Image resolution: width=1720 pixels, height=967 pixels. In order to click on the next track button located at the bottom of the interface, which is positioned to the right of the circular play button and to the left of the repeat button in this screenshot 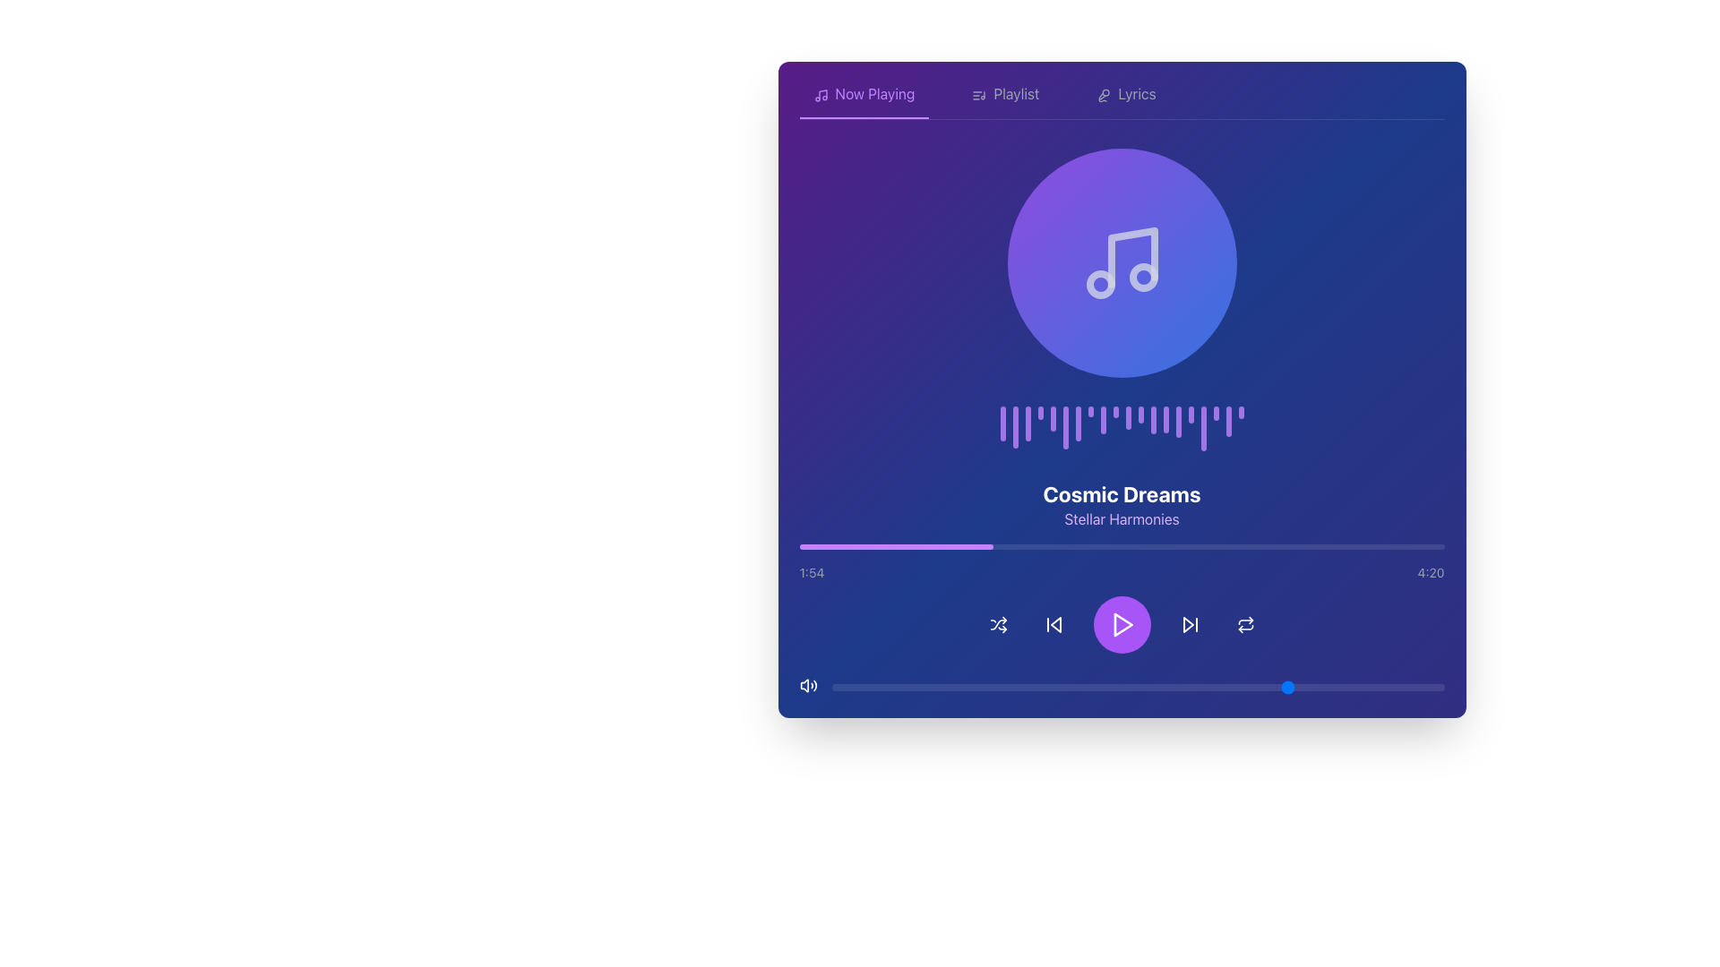, I will do `click(1190, 624)`.